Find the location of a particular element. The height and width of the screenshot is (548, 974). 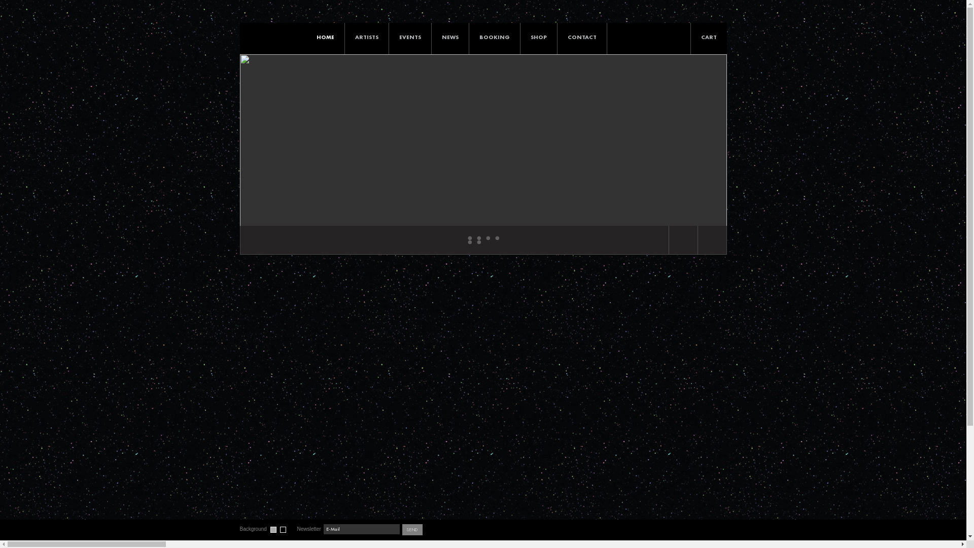

'BOOKING' is located at coordinates (468, 37).